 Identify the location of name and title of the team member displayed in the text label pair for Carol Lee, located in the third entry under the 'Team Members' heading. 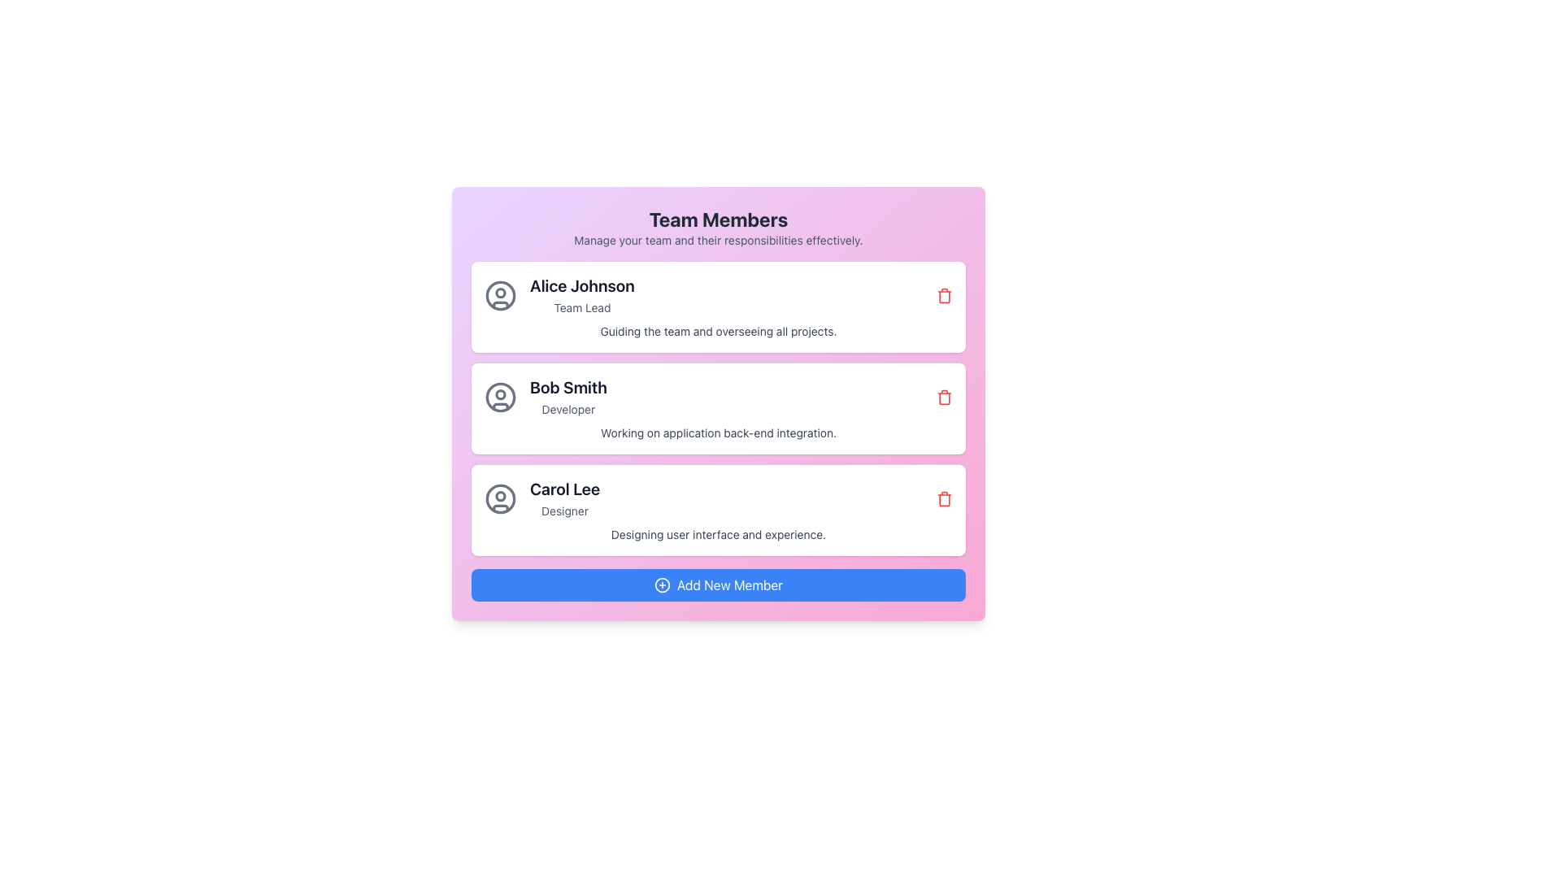
(565, 498).